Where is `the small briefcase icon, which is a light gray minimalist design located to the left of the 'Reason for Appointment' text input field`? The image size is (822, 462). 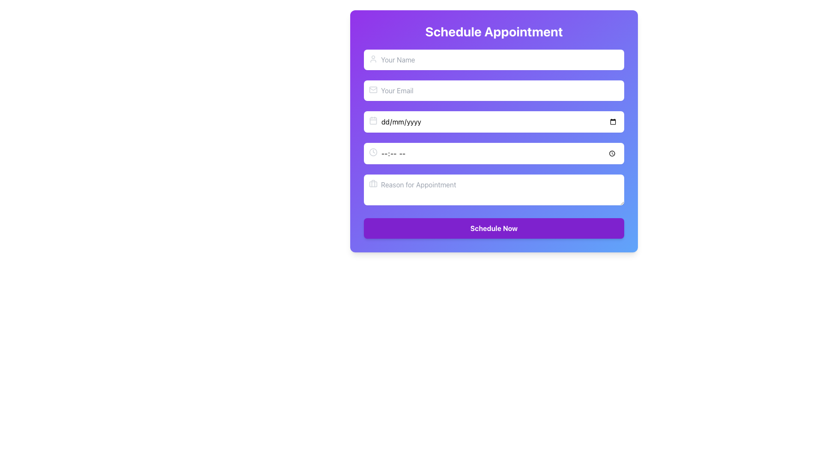 the small briefcase icon, which is a light gray minimalist design located to the left of the 'Reason for Appointment' text input field is located at coordinates (373, 183).